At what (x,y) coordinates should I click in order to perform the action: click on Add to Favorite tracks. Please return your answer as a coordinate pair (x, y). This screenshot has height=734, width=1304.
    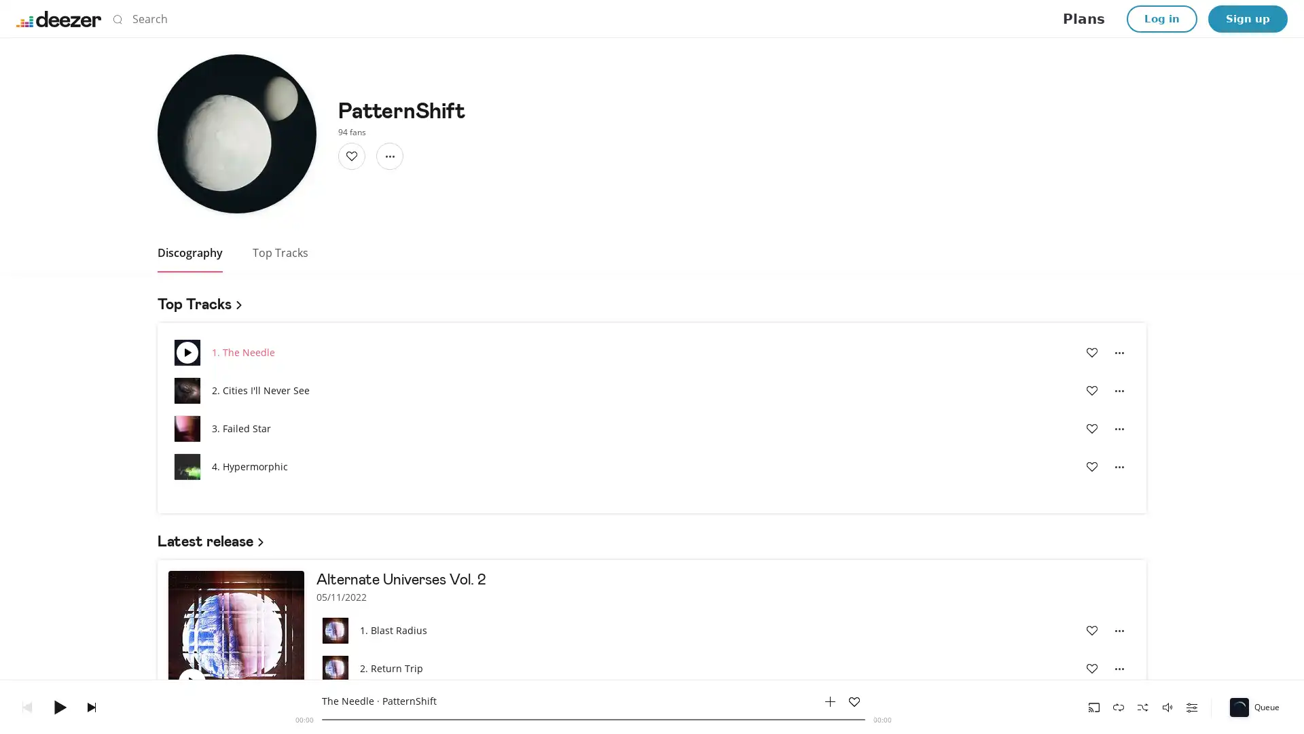
    Looking at the image, I should click on (1092, 429).